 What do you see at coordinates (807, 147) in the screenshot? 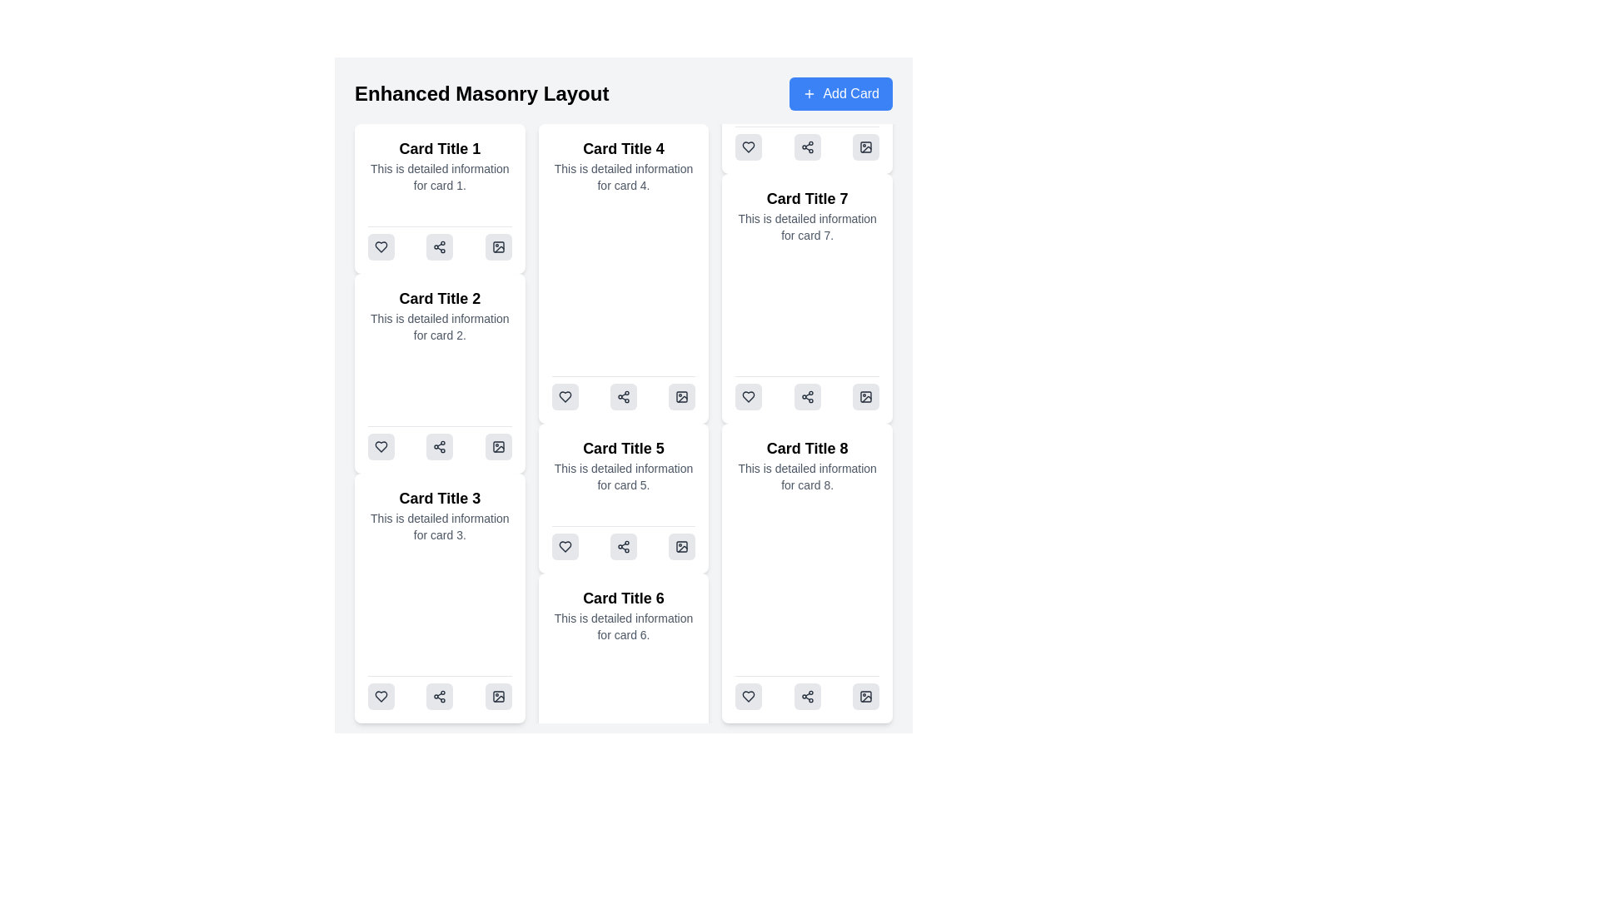
I see `the sharing icon button located in the top-right corner of 'Card Title 7', positioned between the heart icon and the image icon` at bounding box center [807, 147].